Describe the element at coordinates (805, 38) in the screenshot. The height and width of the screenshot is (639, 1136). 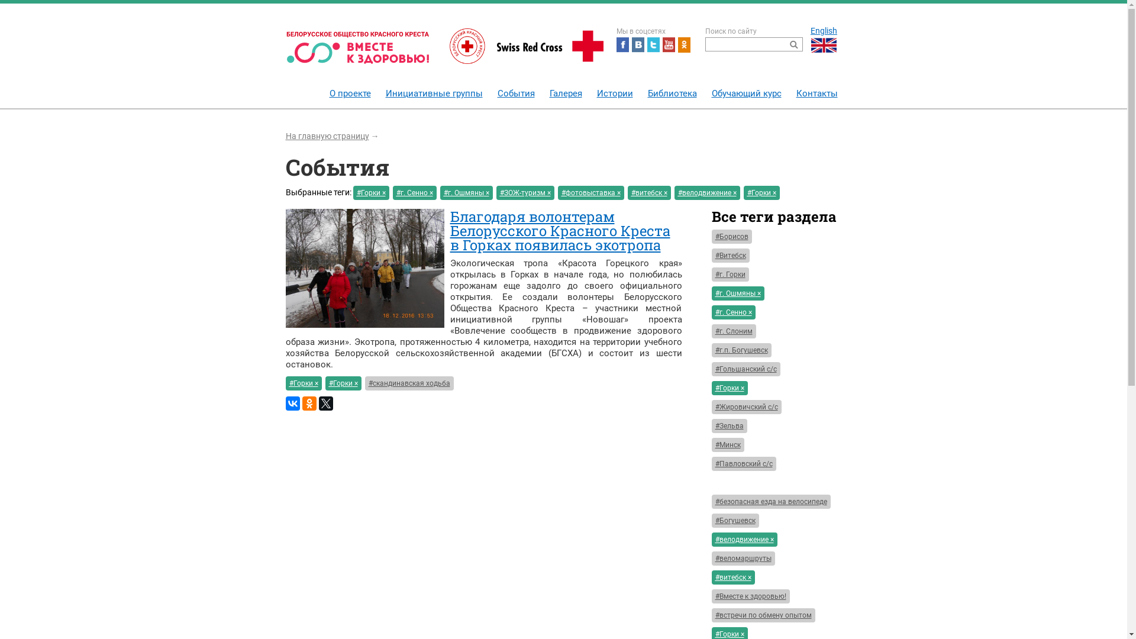
I see `'English'` at that location.